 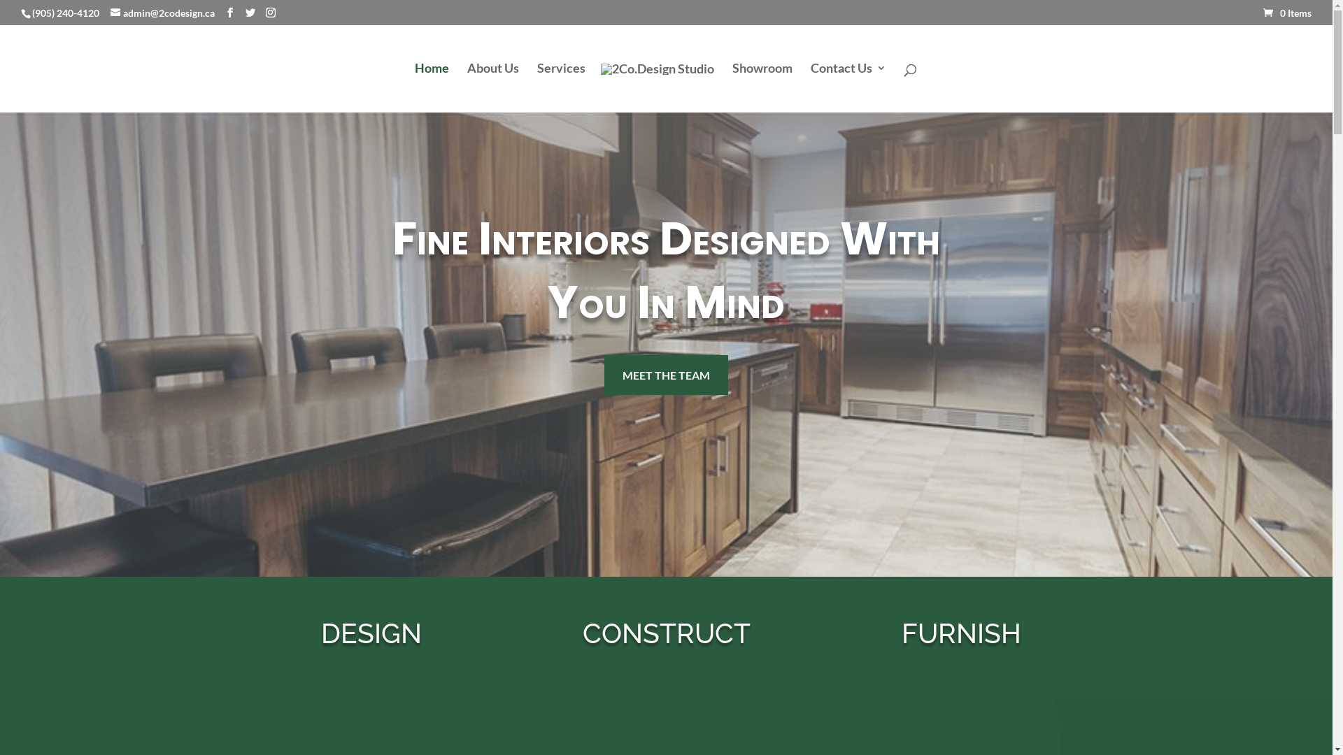 I want to click on 'Contact Us', so click(x=809, y=85).